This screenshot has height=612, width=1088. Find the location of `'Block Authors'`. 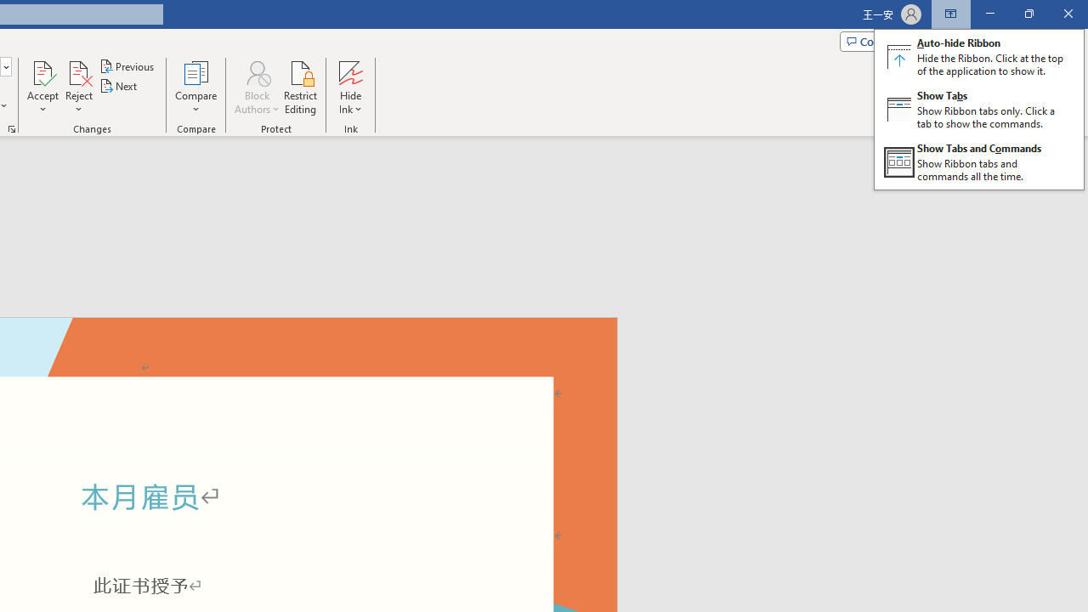

'Block Authors' is located at coordinates (256, 88).